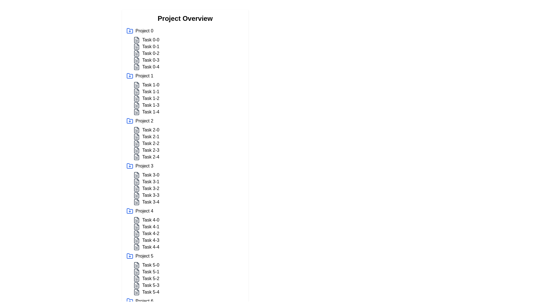 The height and width of the screenshot is (304, 542). I want to click on the blue folder icon with a plus sign located to the left of 'Project 1', so click(130, 76).